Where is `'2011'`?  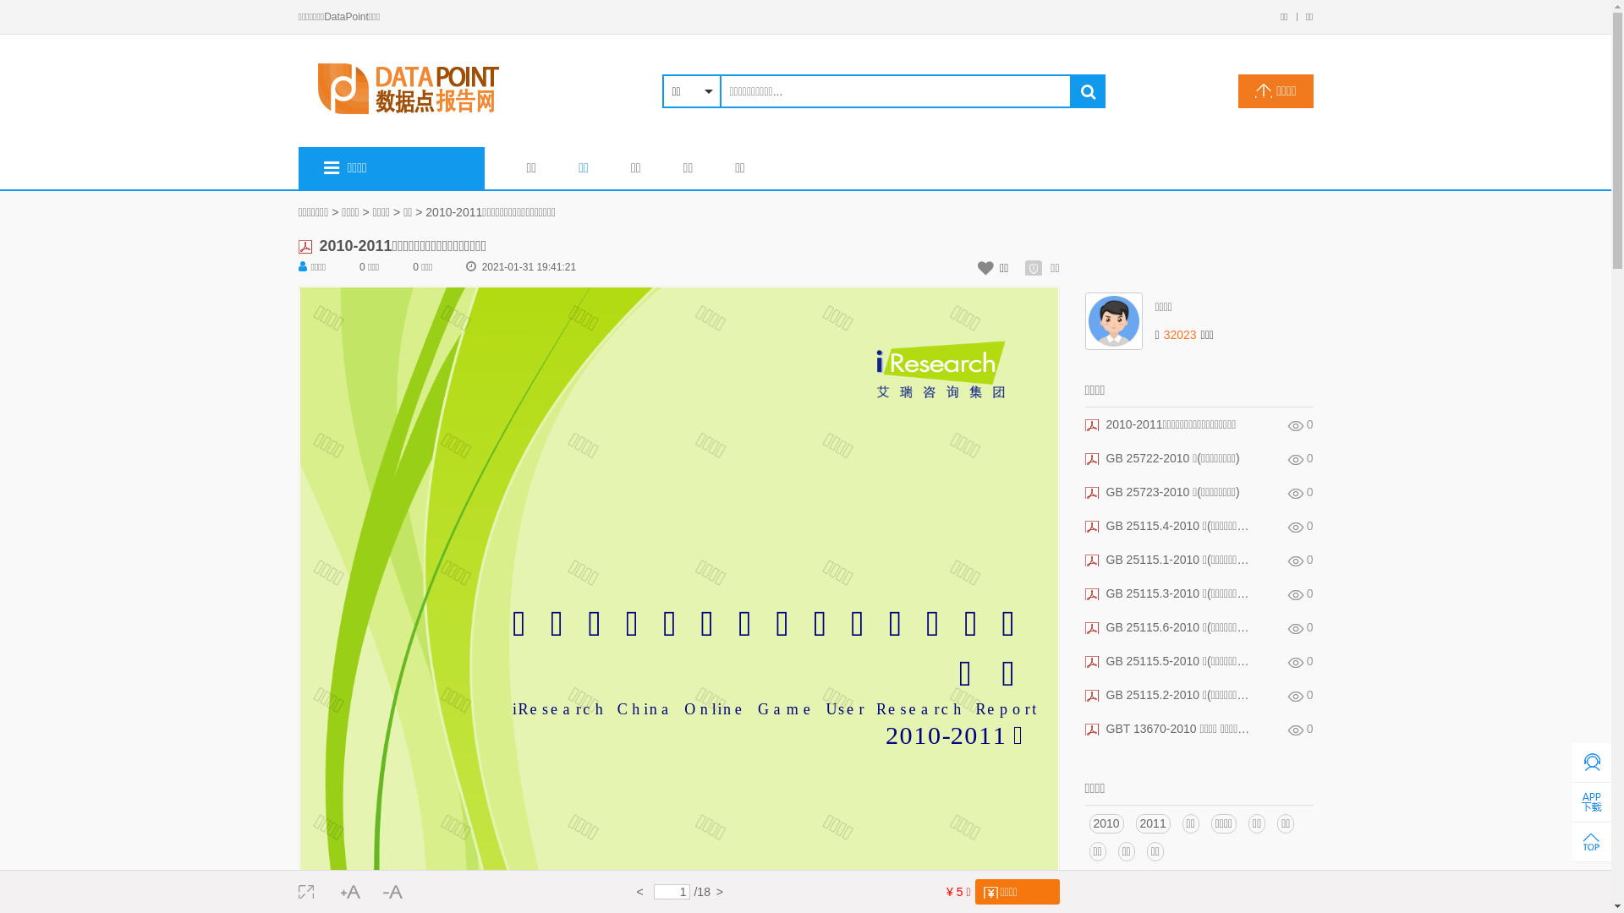 '2011' is located at coordinates (1152, 823).